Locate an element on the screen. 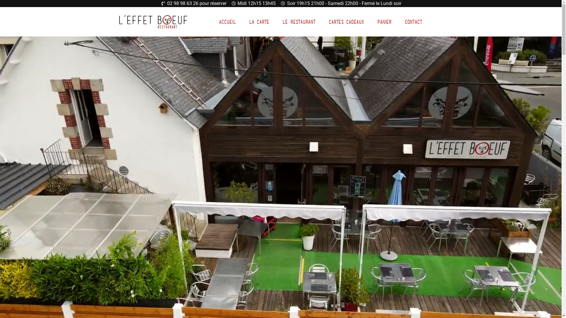 The width and height of the screenshot is (566, 318). 'PANIER' is located at coordinates (384, 21).